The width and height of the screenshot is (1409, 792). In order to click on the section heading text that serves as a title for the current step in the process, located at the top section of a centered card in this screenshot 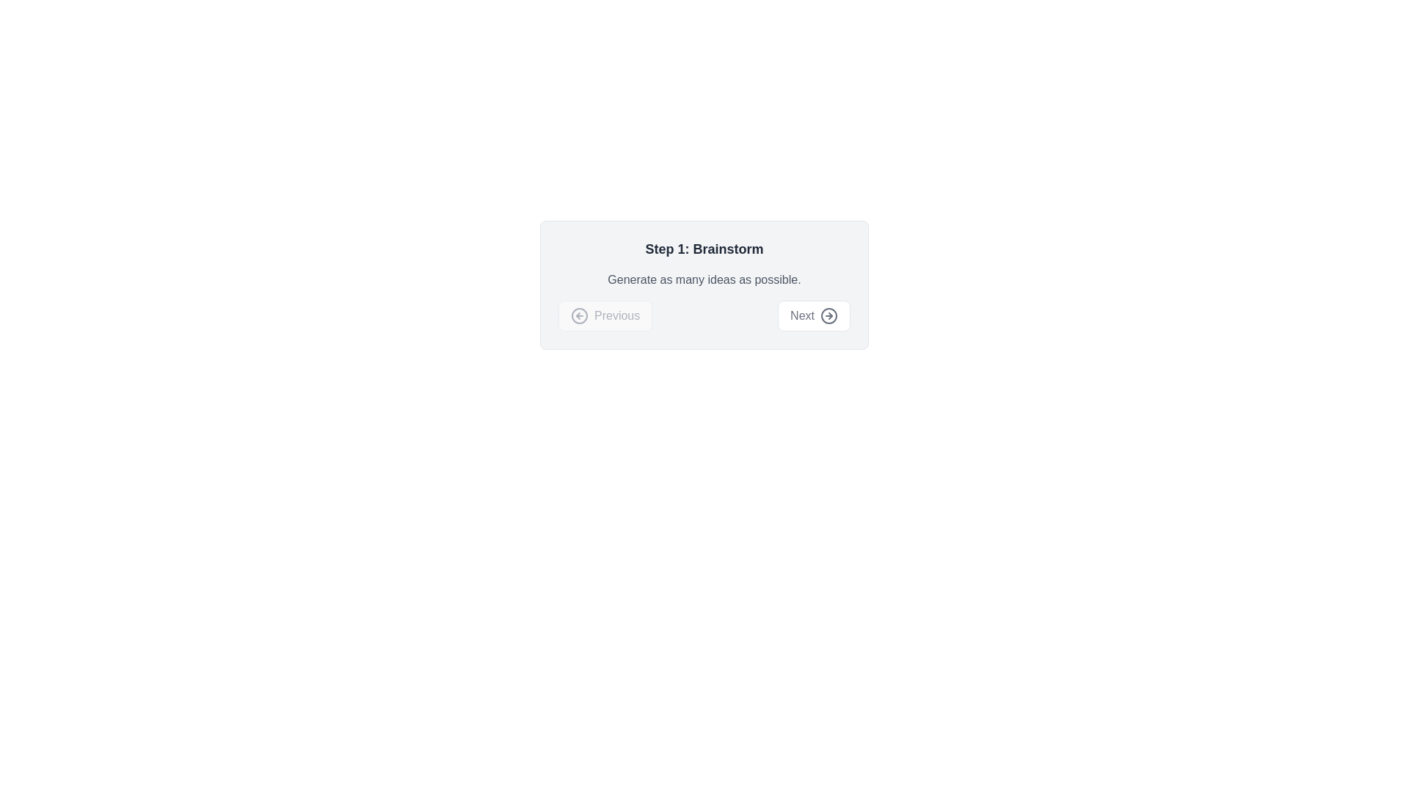, I will do `click(704, 248)`.